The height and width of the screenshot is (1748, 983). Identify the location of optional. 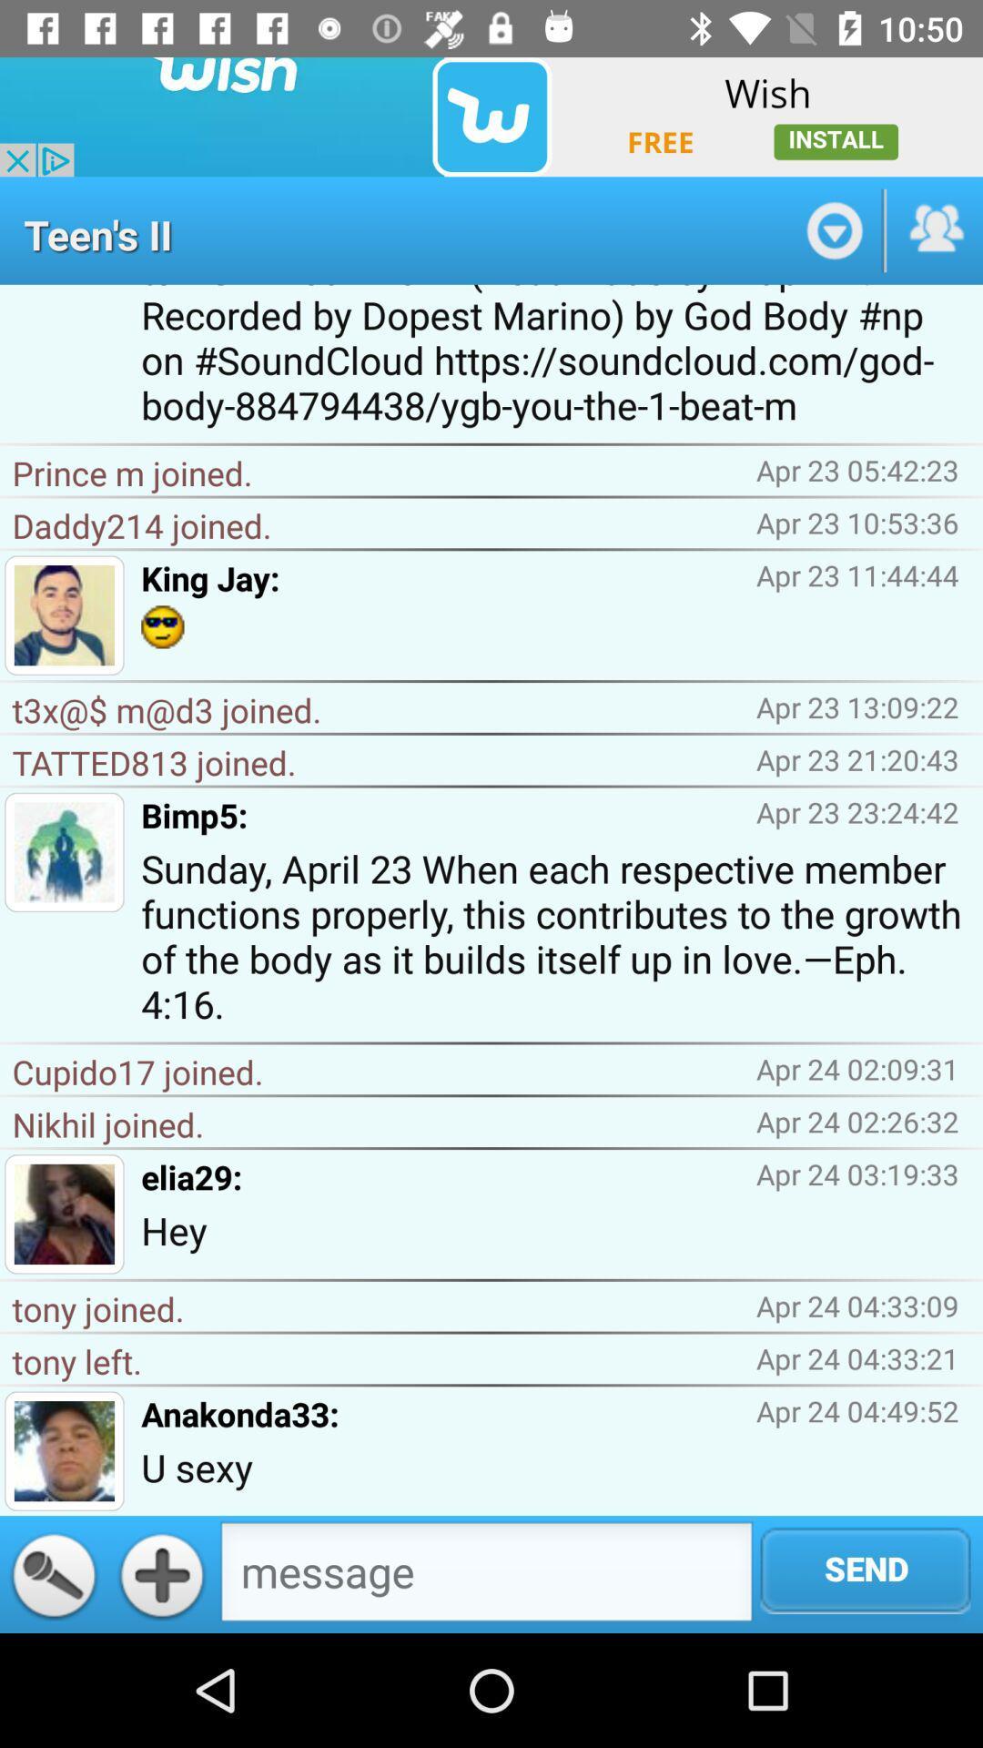
(833, 229).